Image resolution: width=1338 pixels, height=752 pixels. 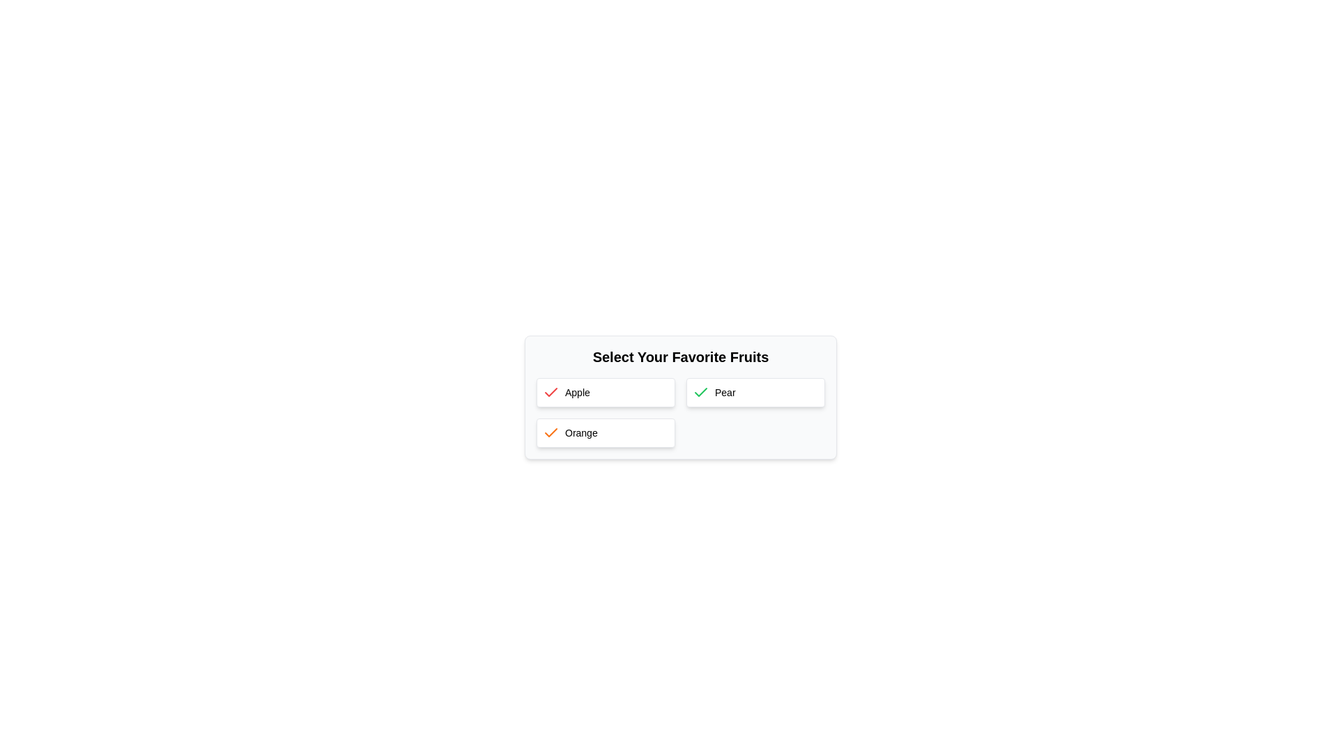 I want to click on the 'Orange' selectable list item in the bottom-left position of the grid to interact with it, so click(x=606, y=432).